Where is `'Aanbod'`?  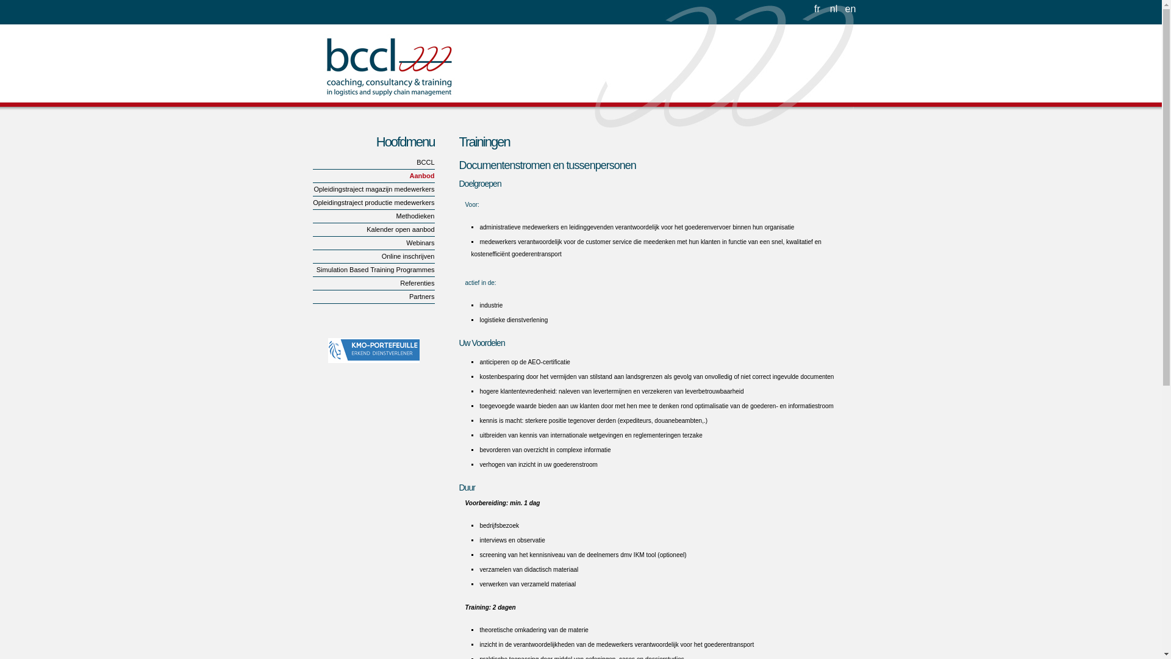
'Aanbod' is located at coordinates (372, 176).